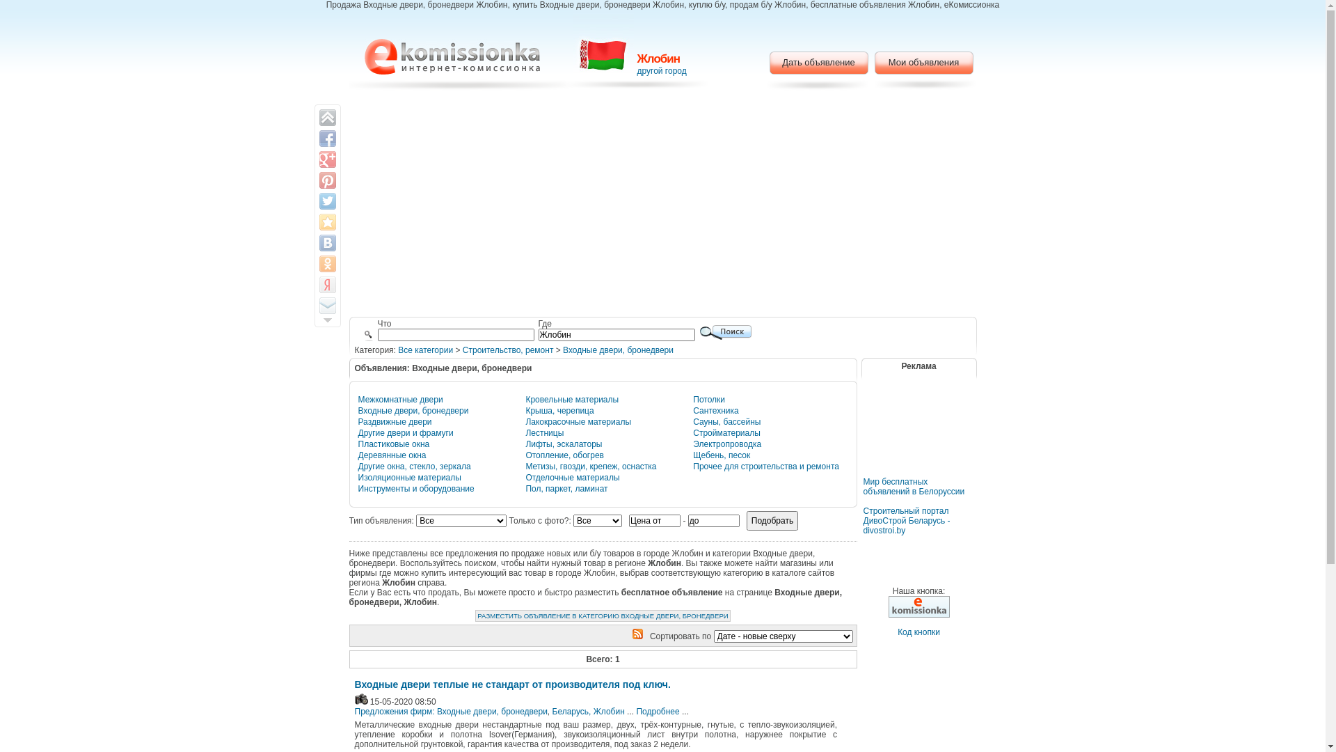 This screenshot has width=1336, height=752. I want to click on 'Share on VK', so click(326, 242).